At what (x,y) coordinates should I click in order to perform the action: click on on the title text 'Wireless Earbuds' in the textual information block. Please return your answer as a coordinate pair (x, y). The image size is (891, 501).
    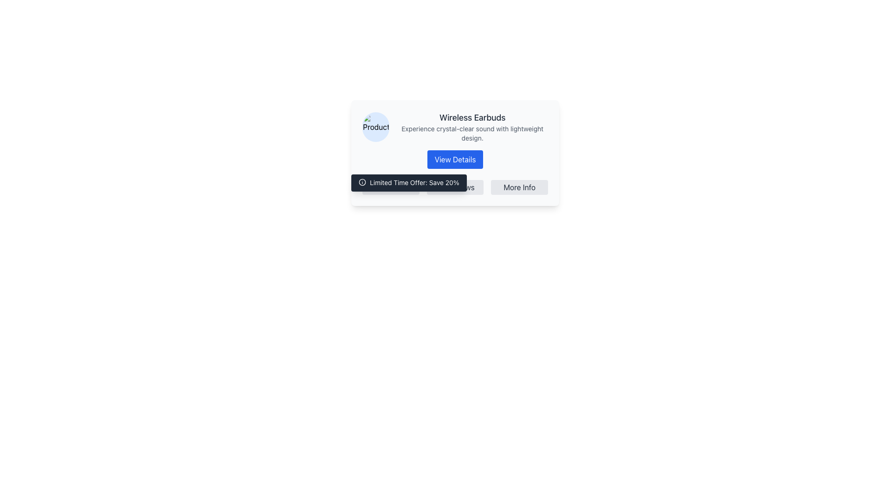
    Looking at the image, I should click on (472, 127).